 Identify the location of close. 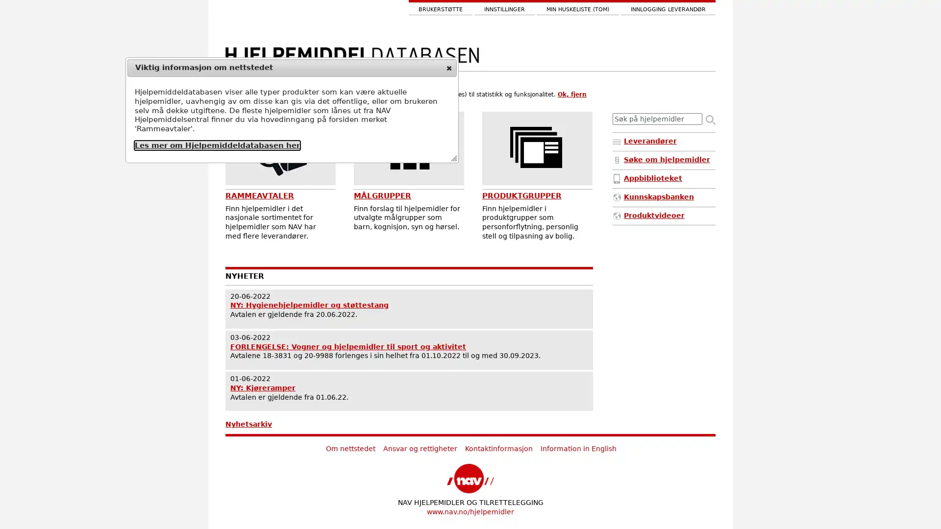
(448, 67).